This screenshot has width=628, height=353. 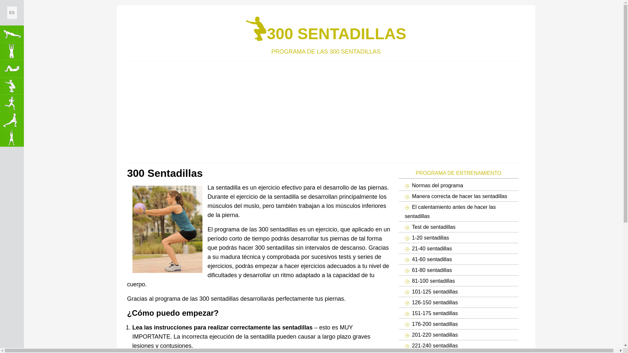 What do you see at coordinates (458, 185) in the screenshot?
I see `'Normas del programa'` at bounding box center [458, 185].